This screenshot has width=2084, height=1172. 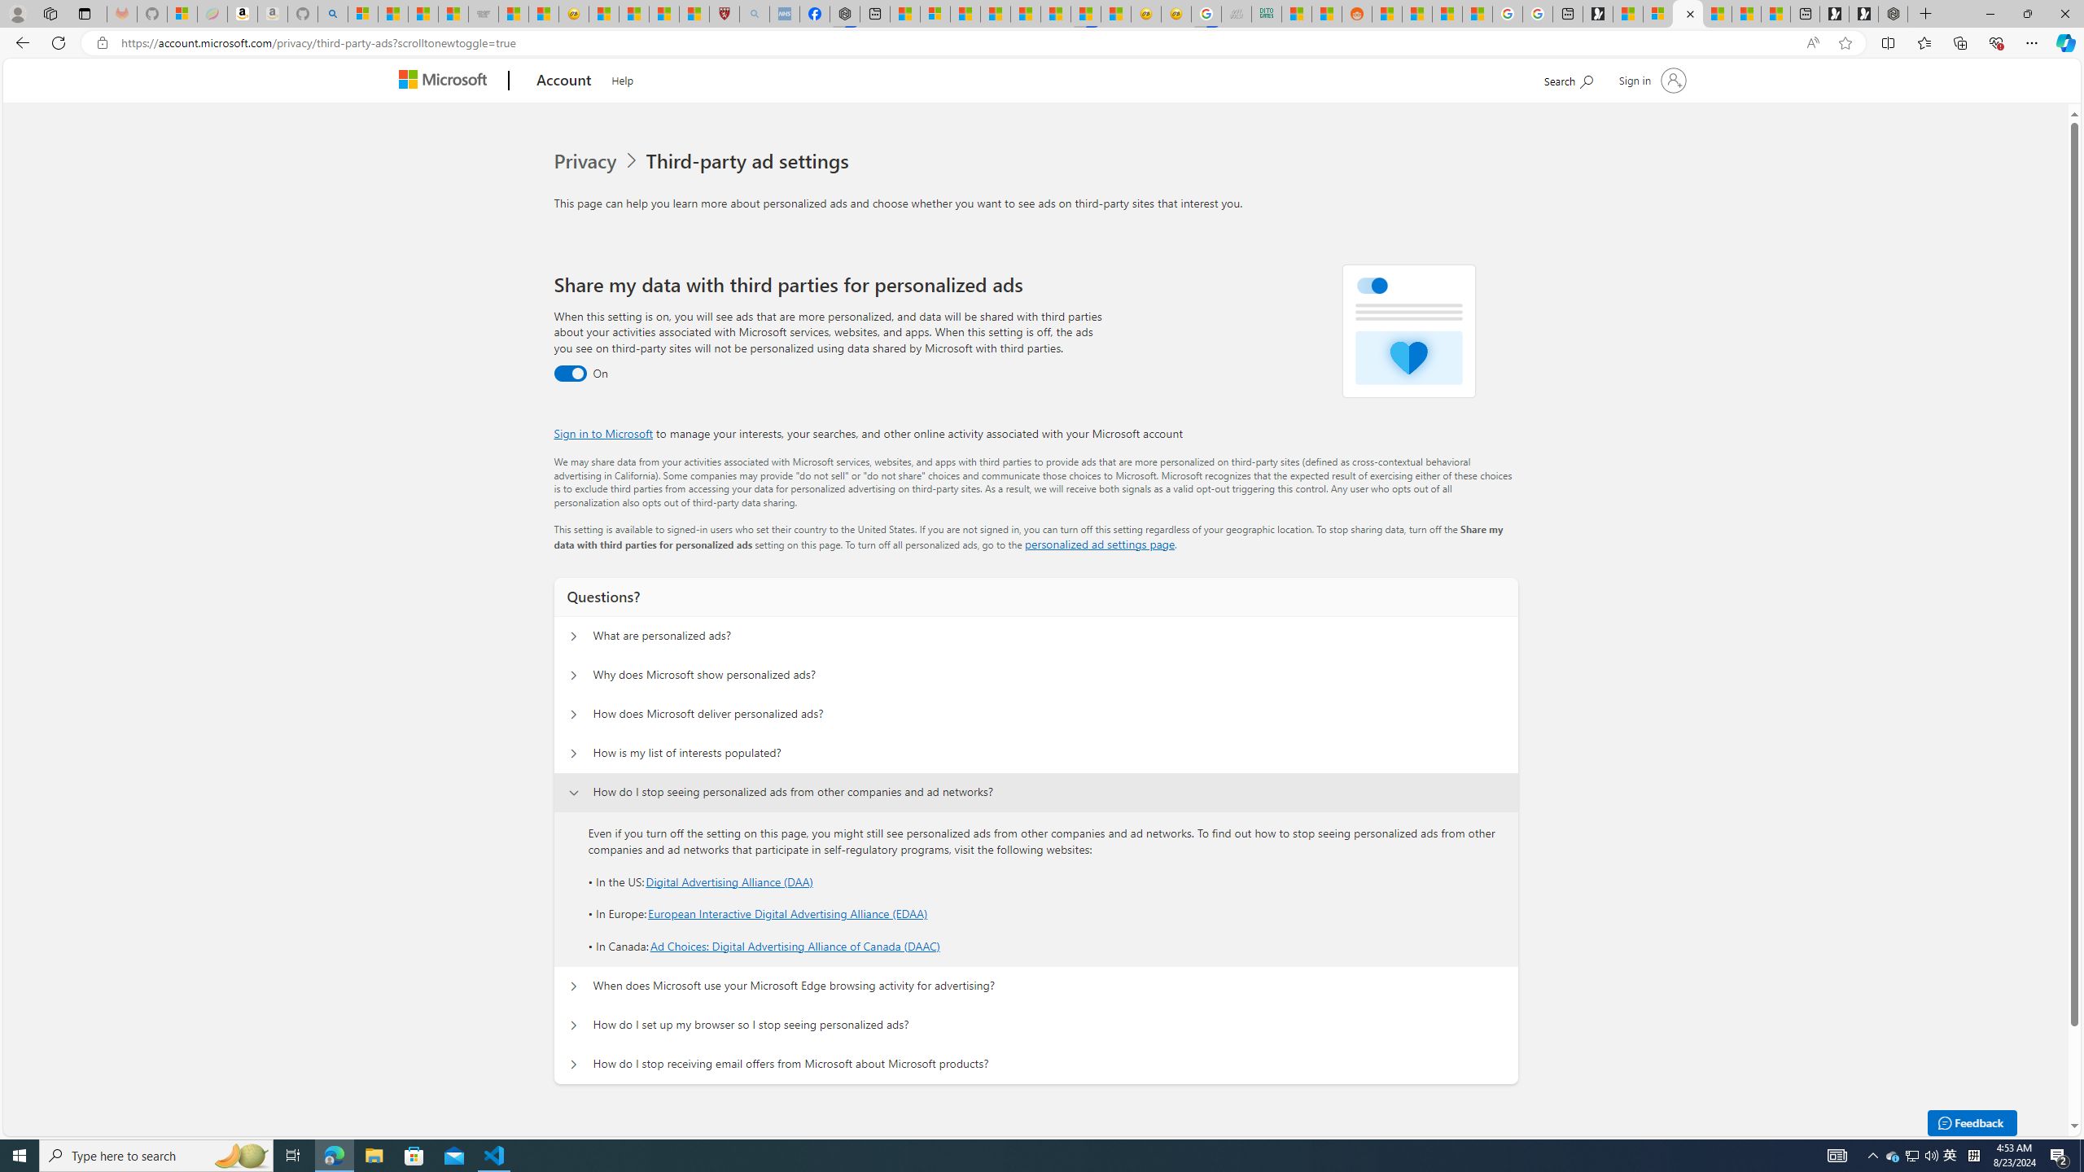 What do you see at coordinates (694, 13) in the screenshot?
I see `'12 Popular Science Lies that Must be Corrected'` at bounding box center [694, 13].